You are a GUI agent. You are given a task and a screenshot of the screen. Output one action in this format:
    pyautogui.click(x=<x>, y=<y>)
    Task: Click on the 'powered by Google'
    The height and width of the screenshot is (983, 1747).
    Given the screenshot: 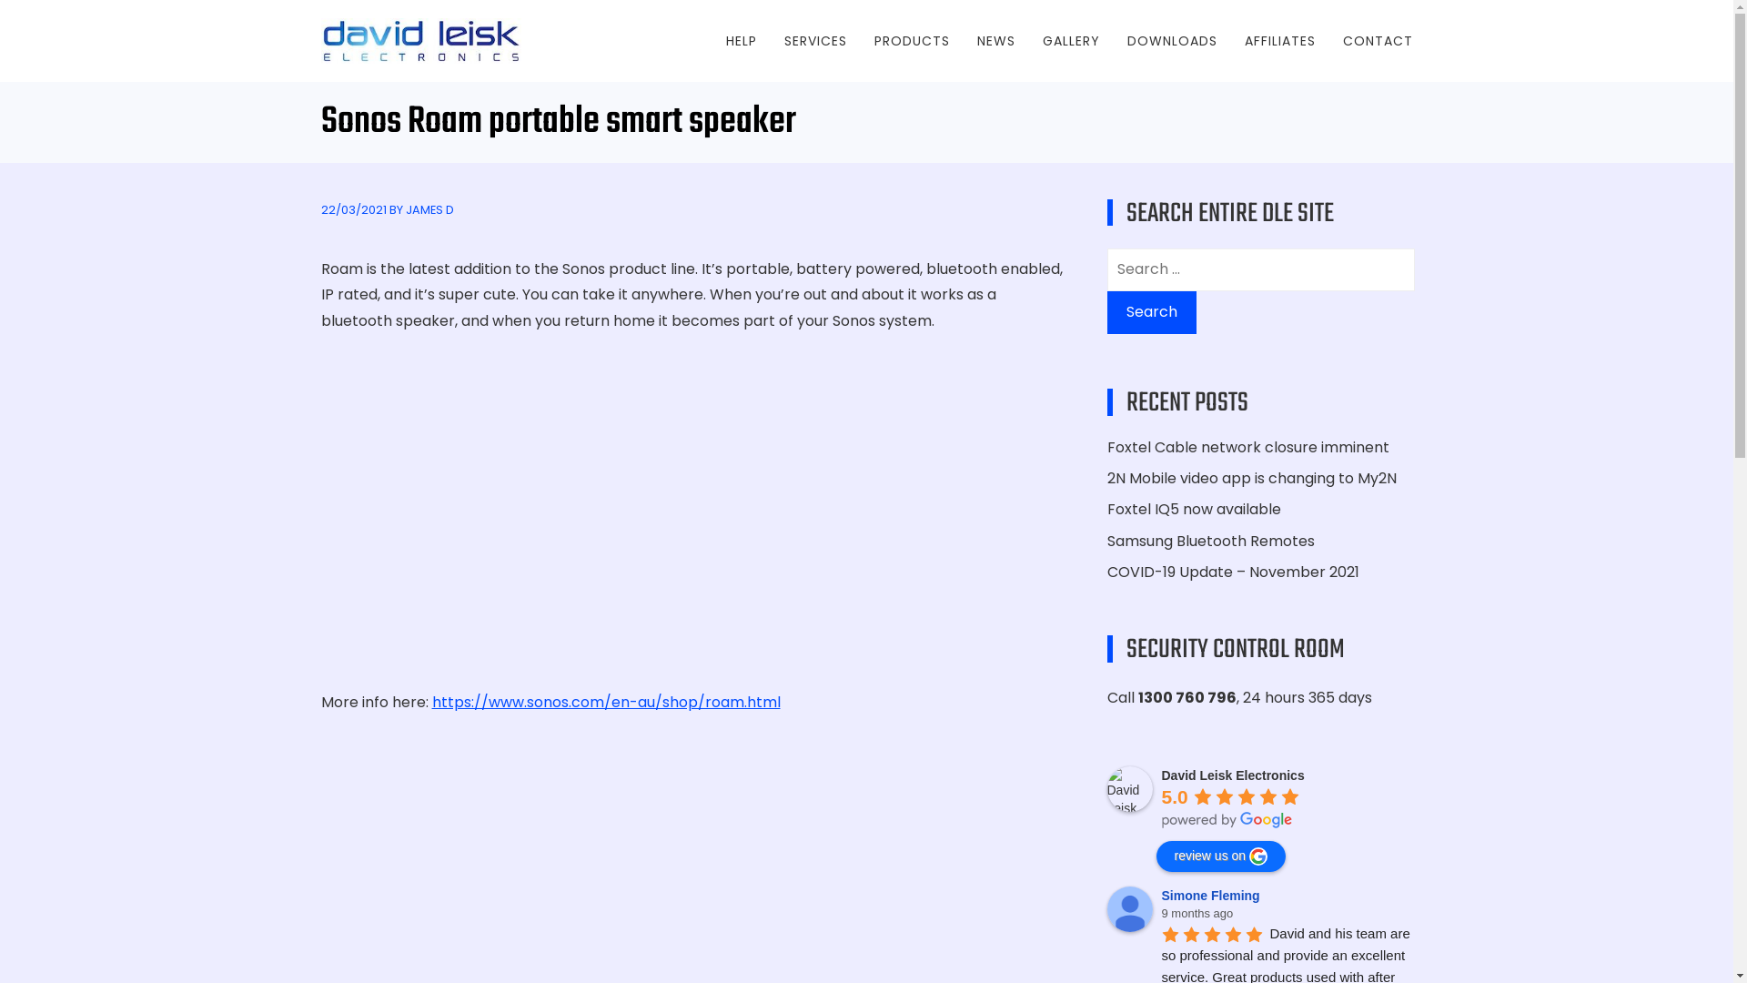 What is the action you would take?
    pyautogui.click(x=1227, y=820)
    